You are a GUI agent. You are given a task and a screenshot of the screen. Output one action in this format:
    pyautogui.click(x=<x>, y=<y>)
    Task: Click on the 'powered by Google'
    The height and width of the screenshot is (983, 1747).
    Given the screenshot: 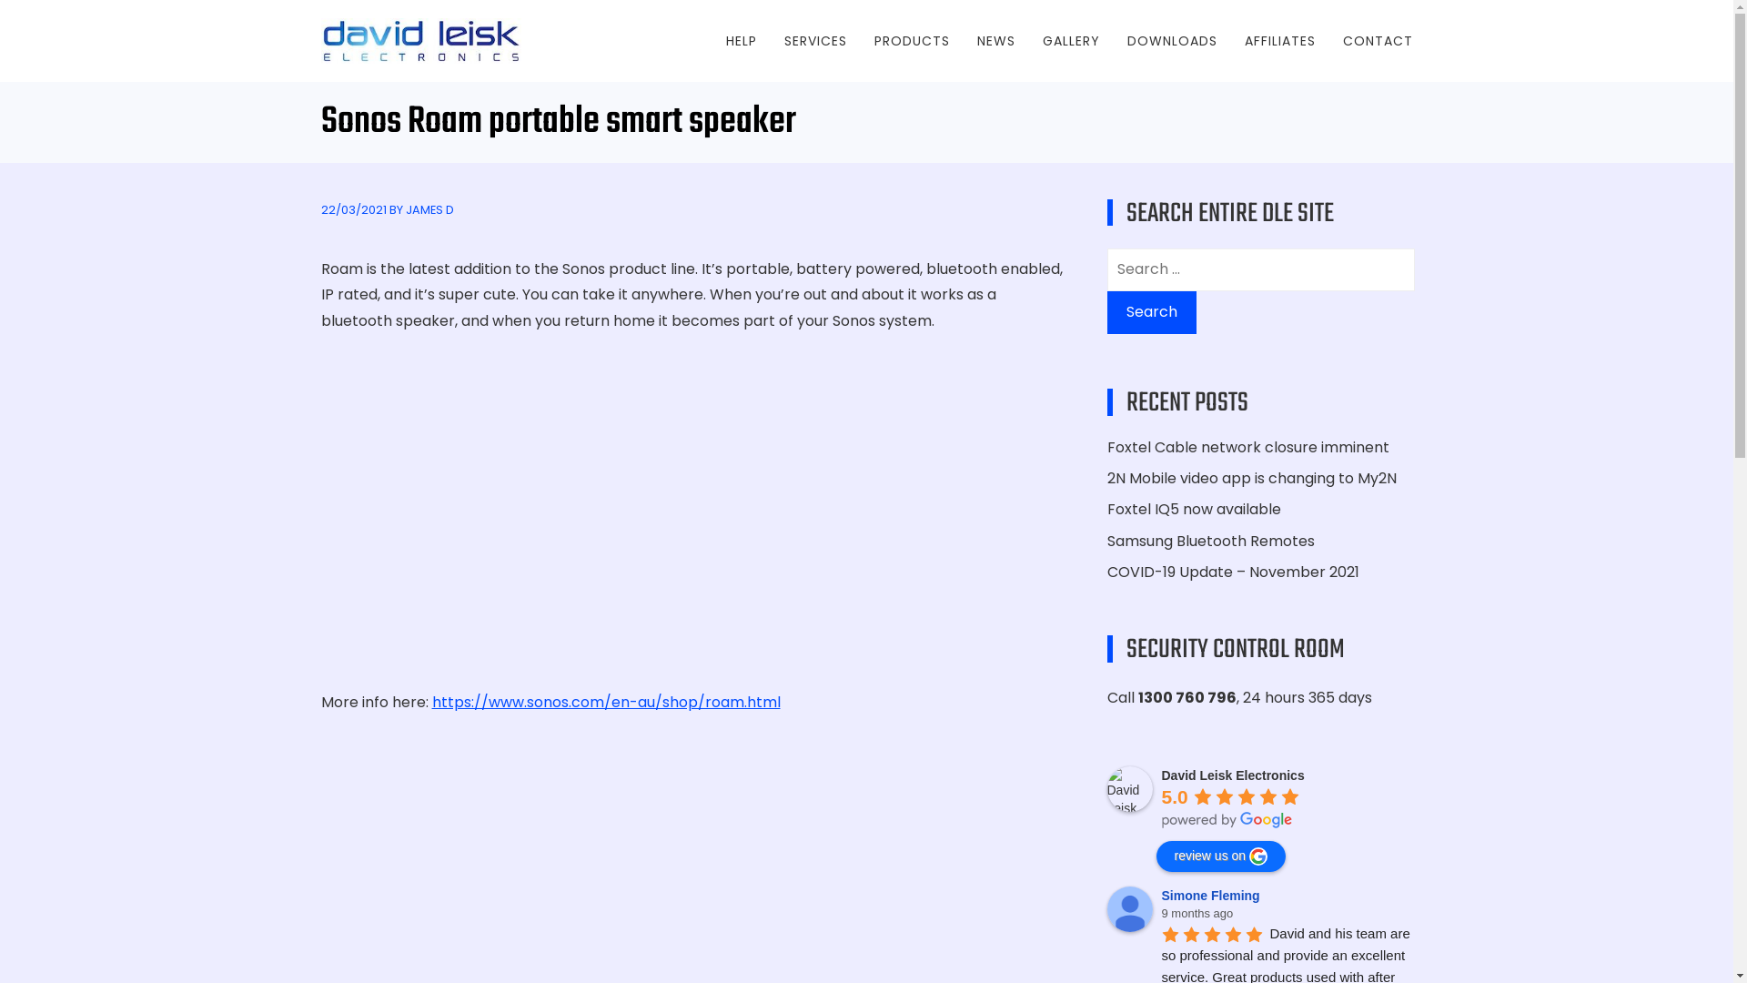 What is the action you would take?
    pyautogui.click(x=1227, y=820)
    